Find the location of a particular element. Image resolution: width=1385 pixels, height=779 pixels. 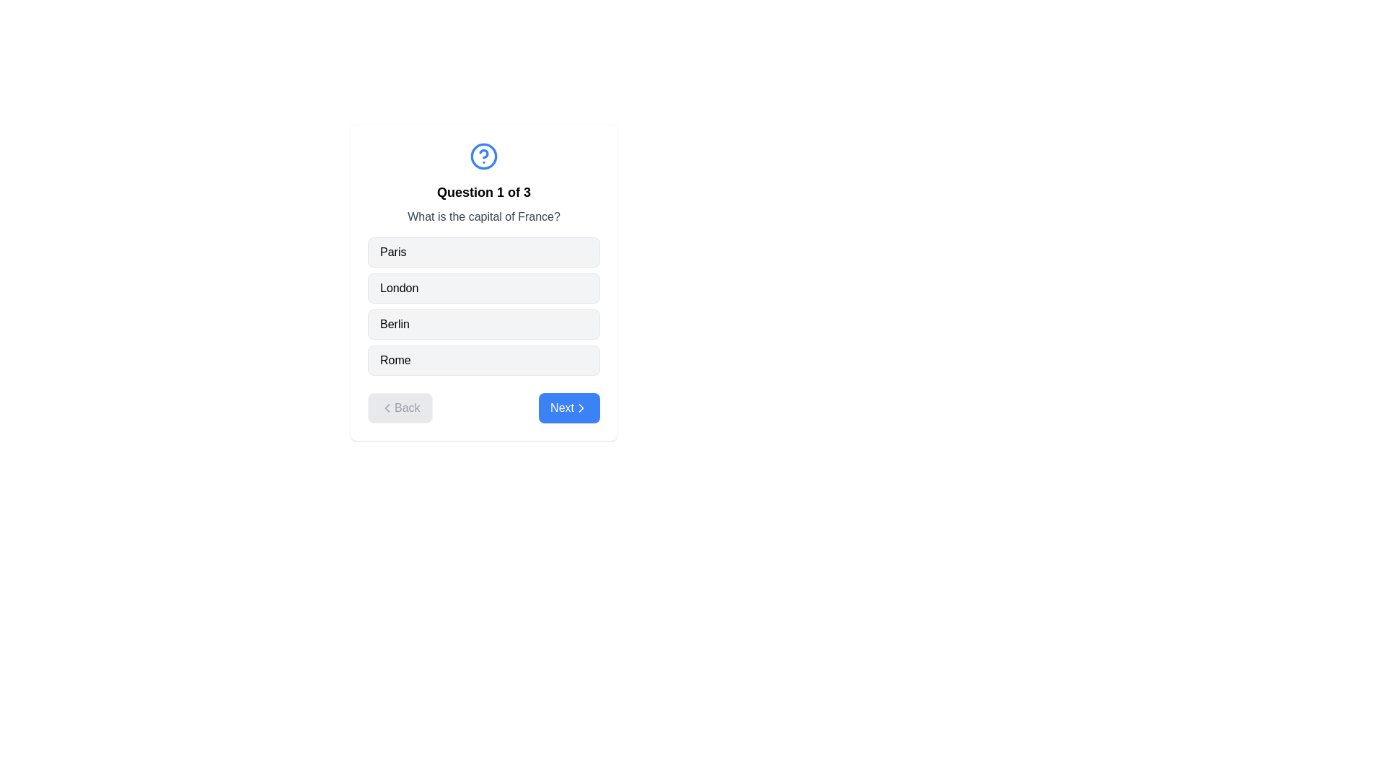

the 'Next' button with a blue background and white text, located at the bottom right corner of the 'Question 1 of 3' section is located at coordinates (568, 408).